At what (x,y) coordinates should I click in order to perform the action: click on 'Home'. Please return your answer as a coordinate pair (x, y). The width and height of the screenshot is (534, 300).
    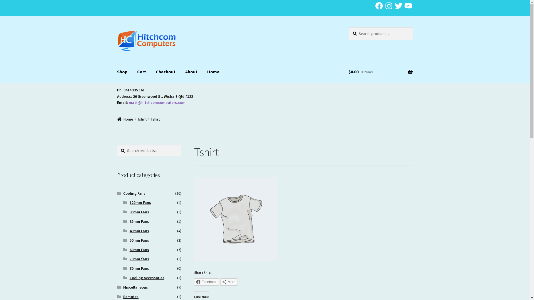
    Looking at the image, I should click on (125, 119).